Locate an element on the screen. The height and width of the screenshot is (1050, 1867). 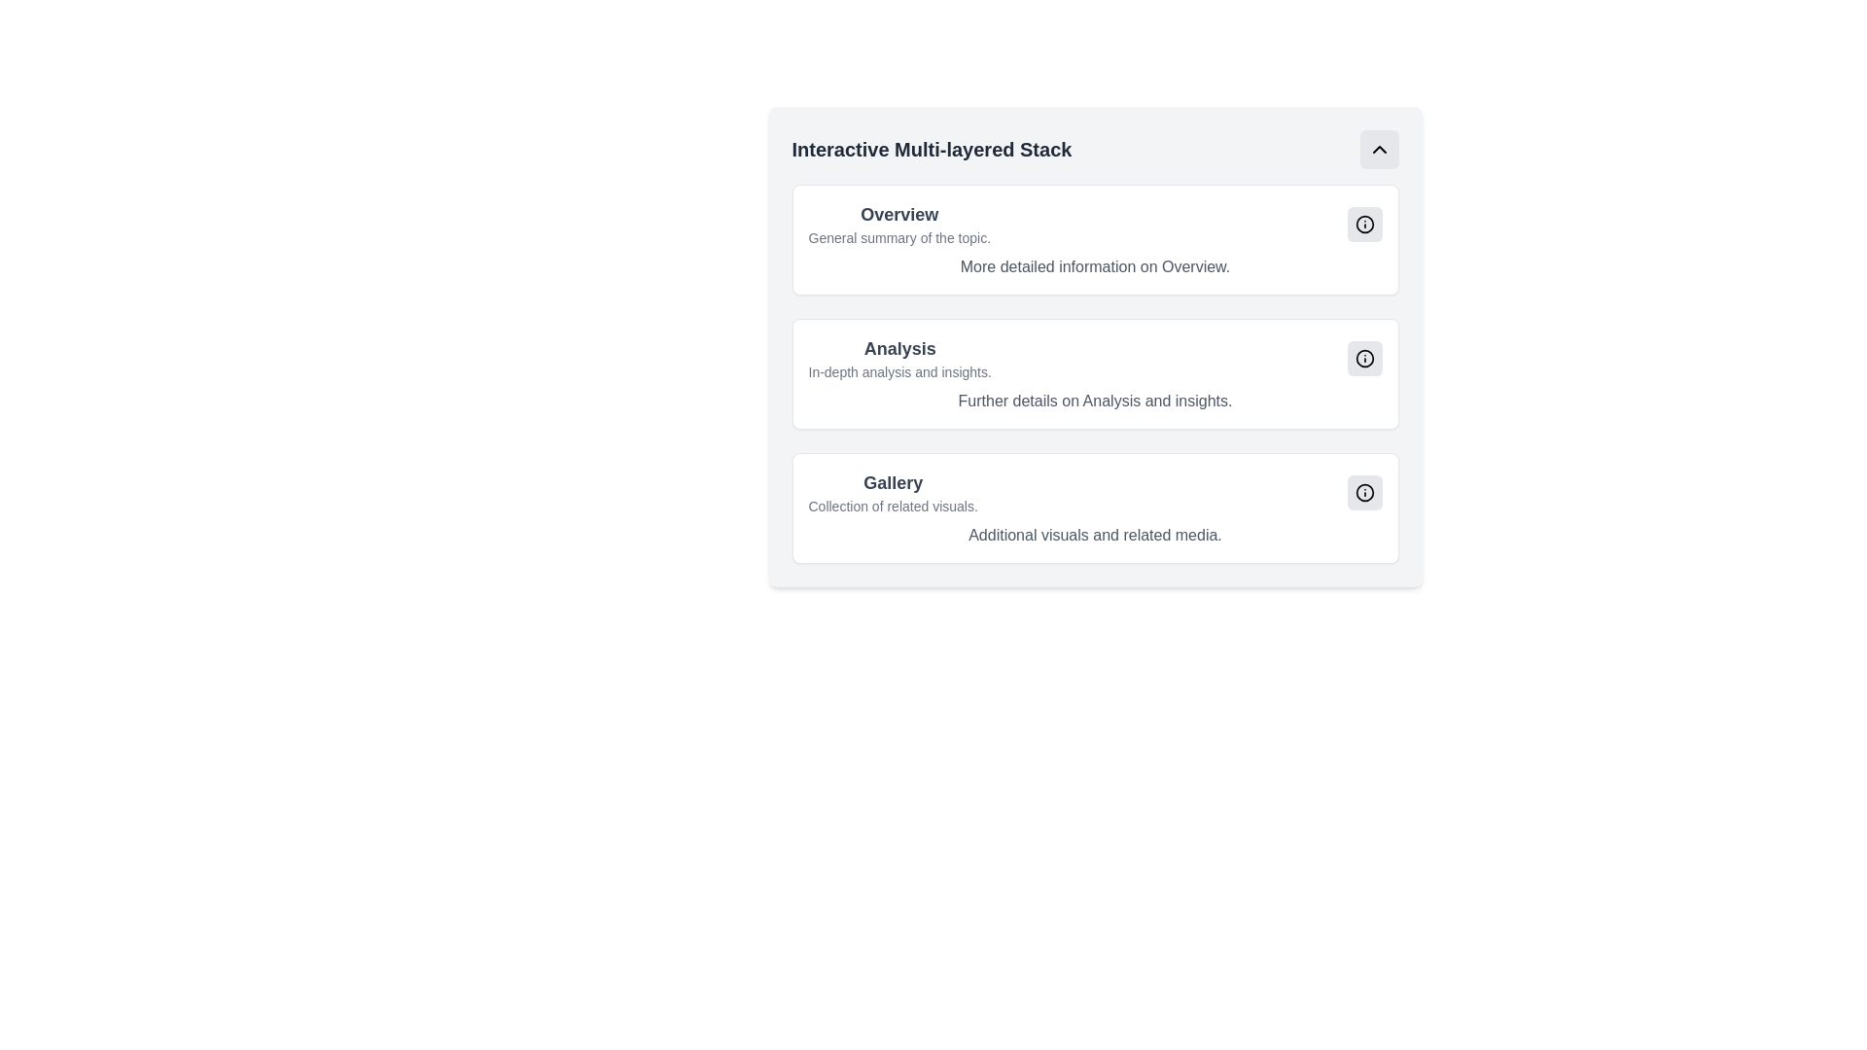
the Text label located in the 'Overview' section, which provides additional descriptive information and is positioned immediately below a general summary text is located at coordinates (1095, 266).